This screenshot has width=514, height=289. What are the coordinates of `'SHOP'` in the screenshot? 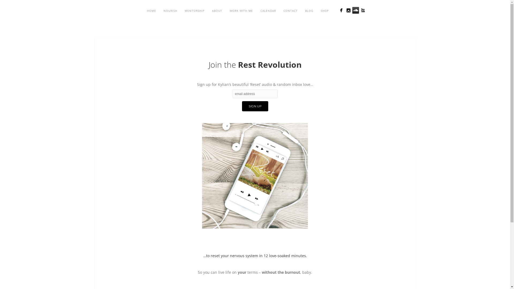 It's located at (317, 11).